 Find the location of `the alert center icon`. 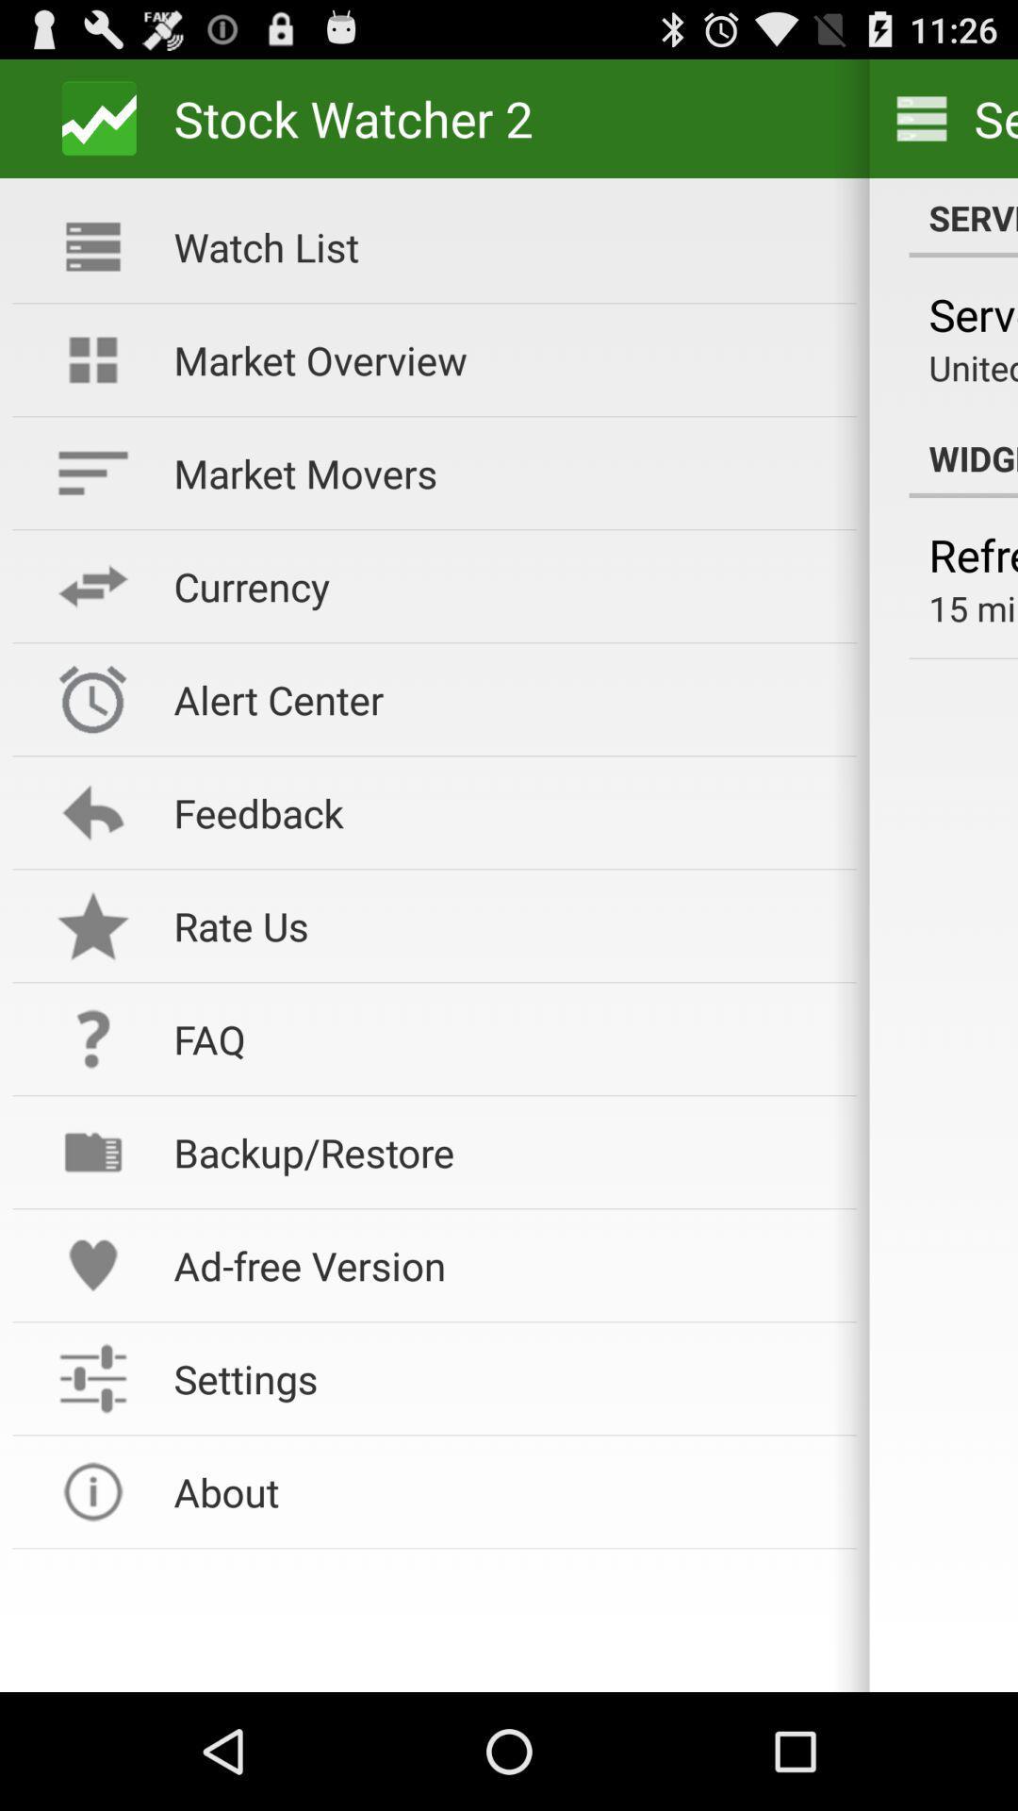

the alert center icon is located at coordinates (501, 698).